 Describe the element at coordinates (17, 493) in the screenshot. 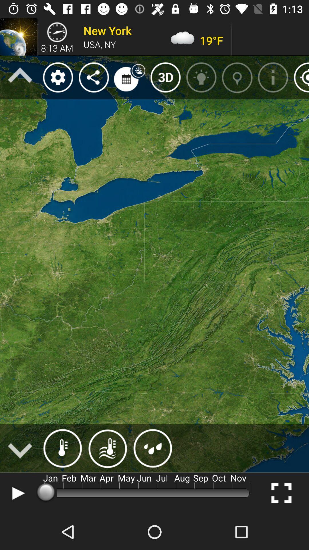

I see `the play icon` at that location.